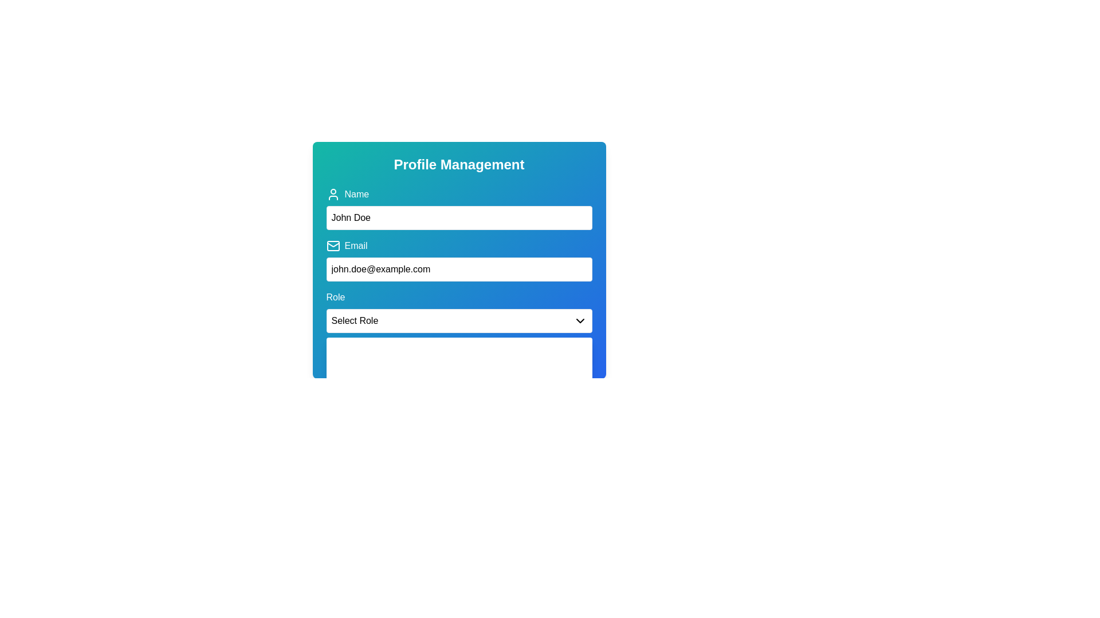  Describe the element at coordinates (335, 297) in the screenshot. I see `the text label displaying 'Role' which is styled with a medium font weight and has a blue background, located slightly below the center of the form section and above the 'Select Role' dropdown menu` at that location.